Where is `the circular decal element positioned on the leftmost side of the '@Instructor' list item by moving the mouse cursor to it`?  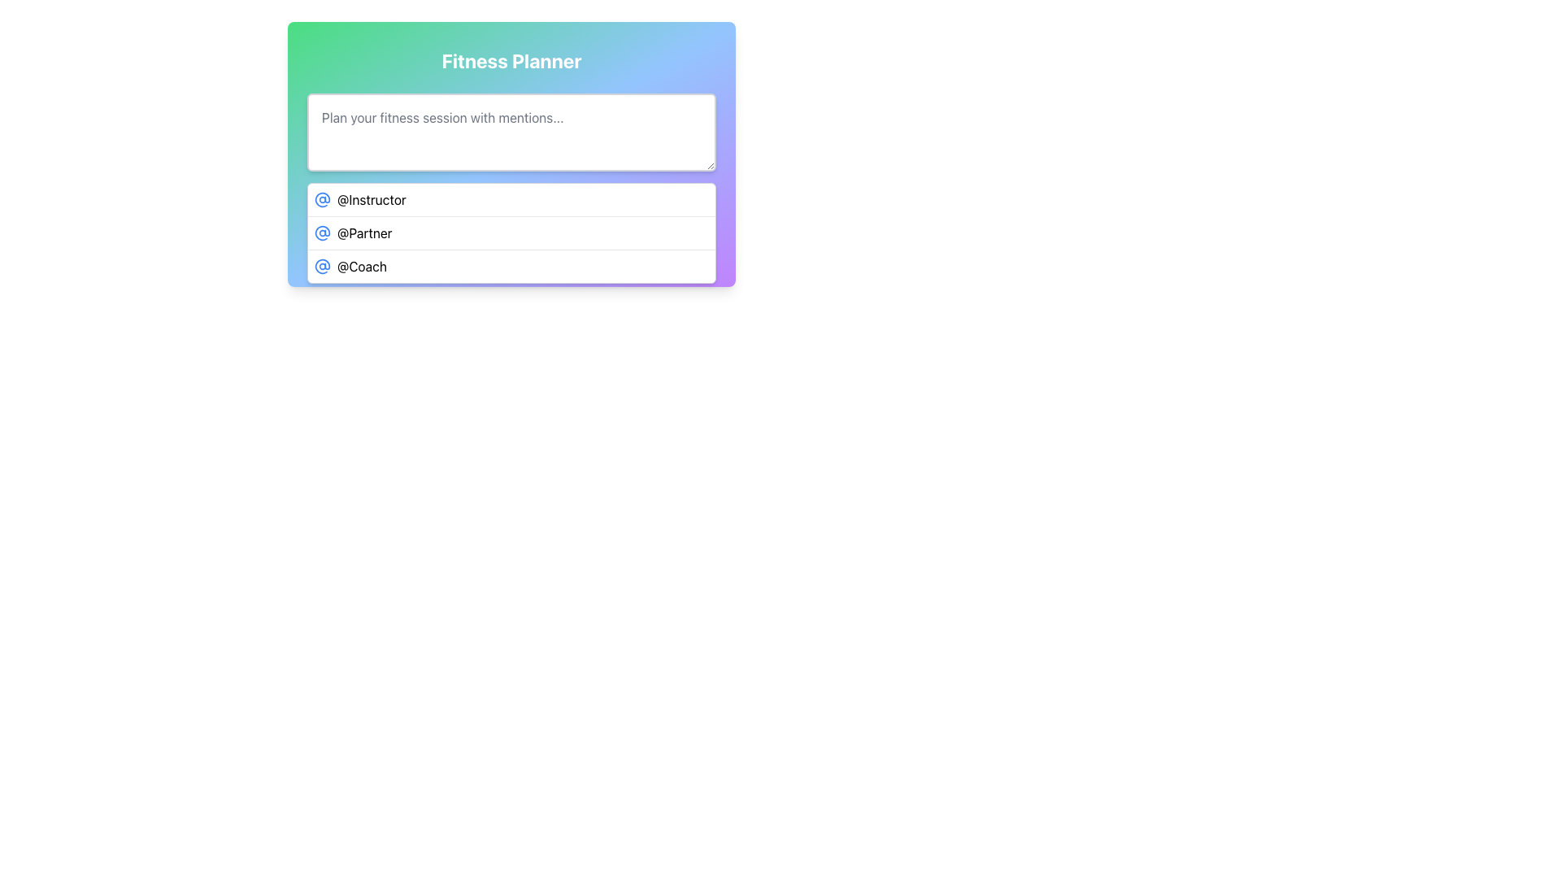
the circular decal element positioned on the leftmost side of the '@Instructor' list item by moving the mouse cursor to it is located at coordinates (327, 211).